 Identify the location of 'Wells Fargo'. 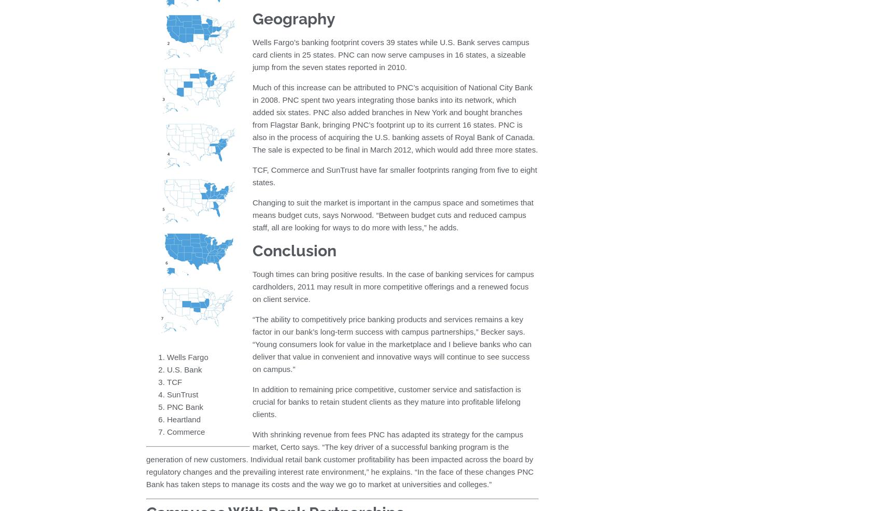
(167, 356).